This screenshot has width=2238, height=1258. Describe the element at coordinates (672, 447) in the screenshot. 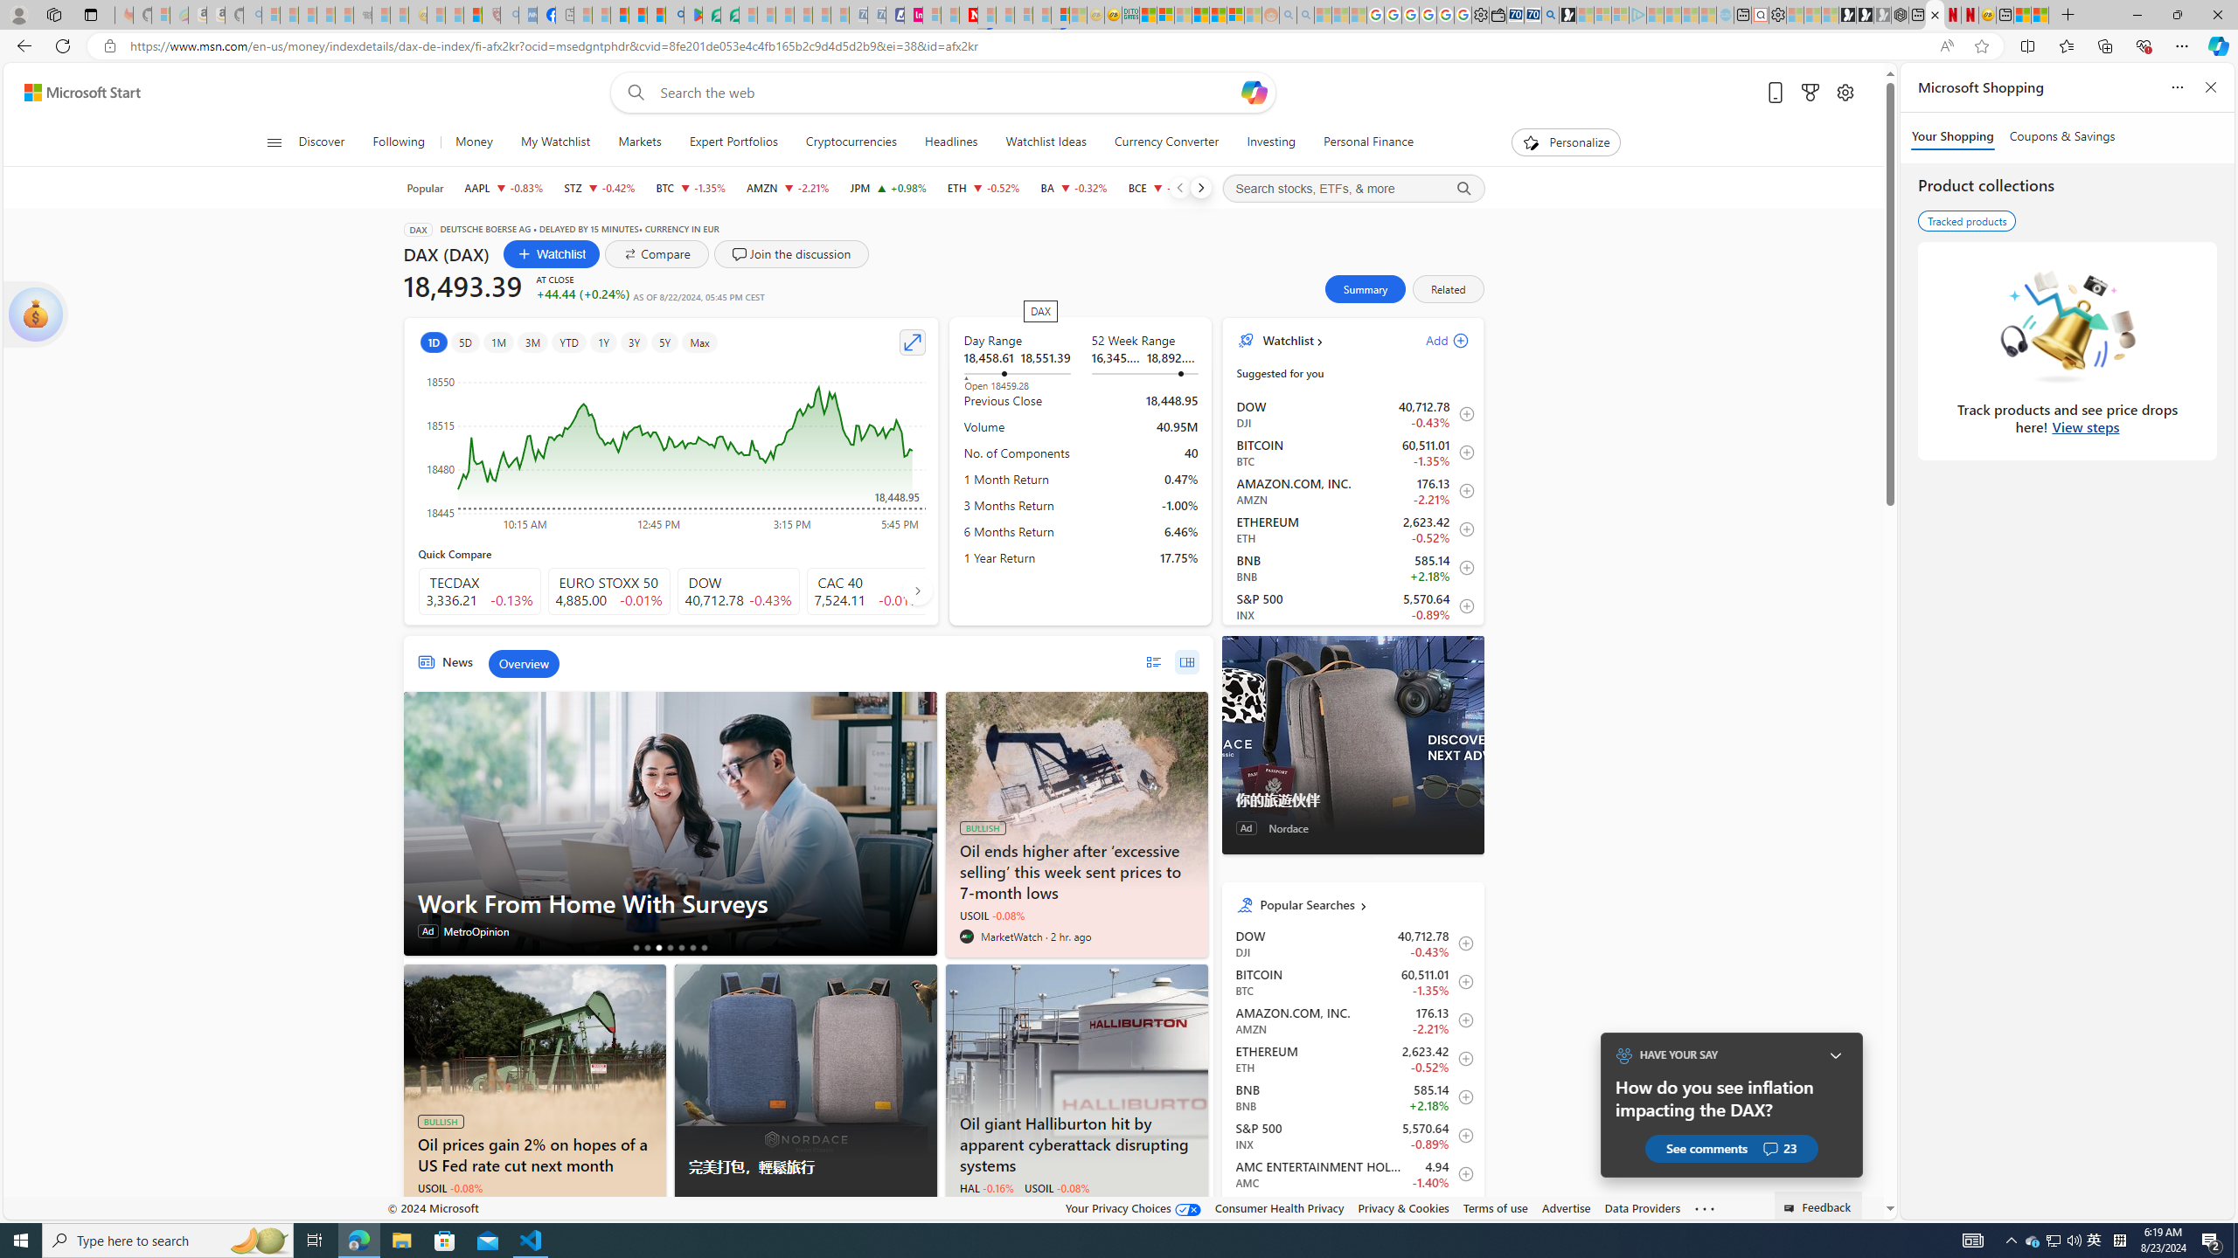

I see `'Class: recharts-surface'` at that location.